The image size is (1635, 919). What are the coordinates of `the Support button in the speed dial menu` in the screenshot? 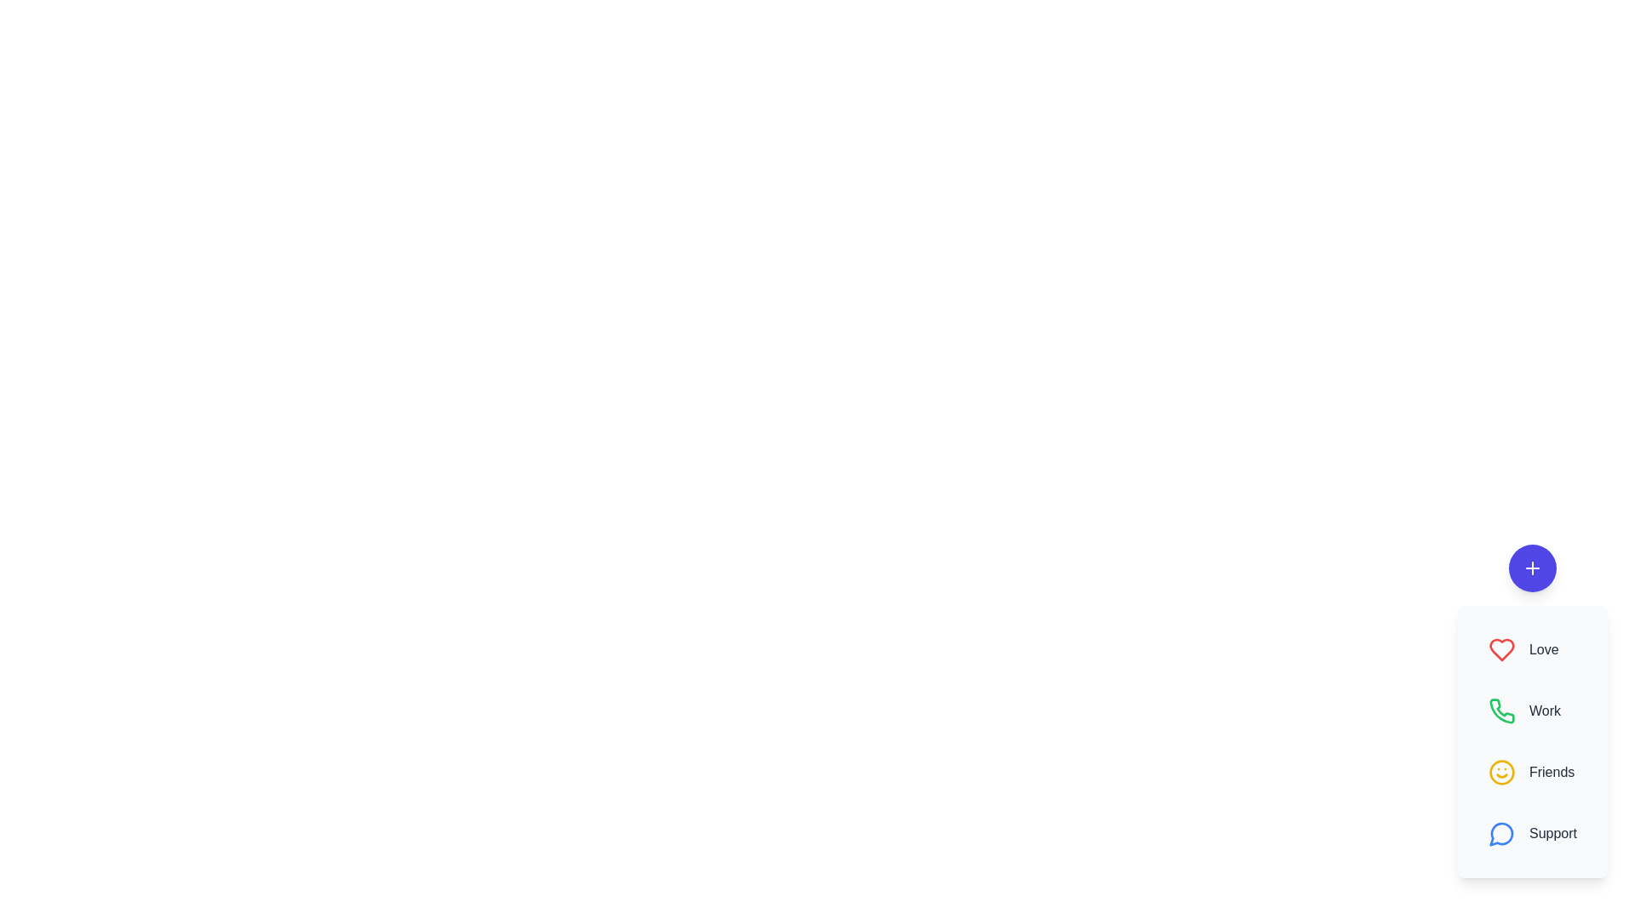 It's located at (1533, 832).